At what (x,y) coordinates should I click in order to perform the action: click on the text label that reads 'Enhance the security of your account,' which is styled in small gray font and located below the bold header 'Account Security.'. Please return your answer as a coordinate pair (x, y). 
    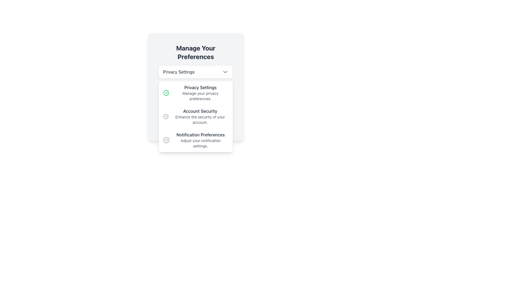
    Looking at the image, I should click on (200, 119).